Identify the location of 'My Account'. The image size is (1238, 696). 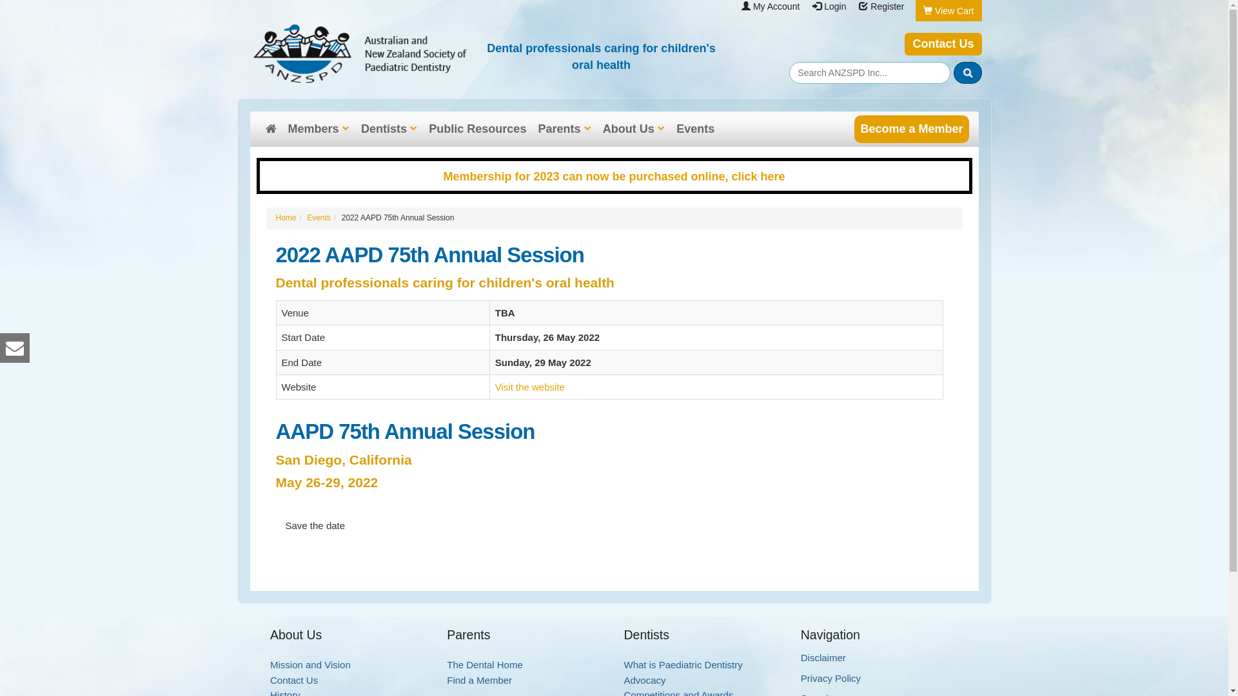
(776, 6).